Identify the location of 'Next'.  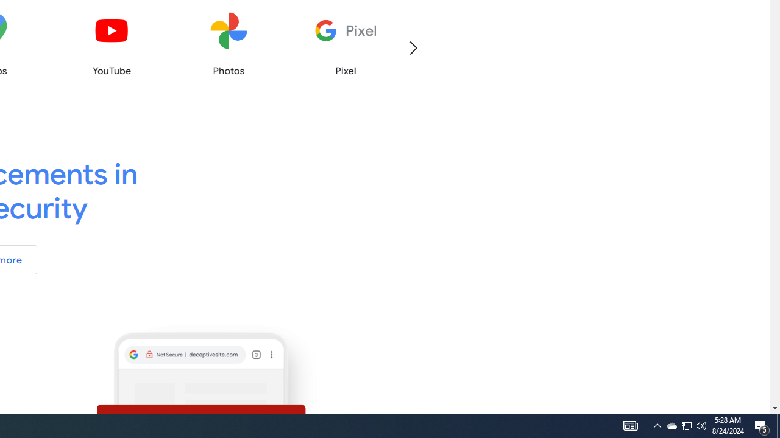
(413, 47).